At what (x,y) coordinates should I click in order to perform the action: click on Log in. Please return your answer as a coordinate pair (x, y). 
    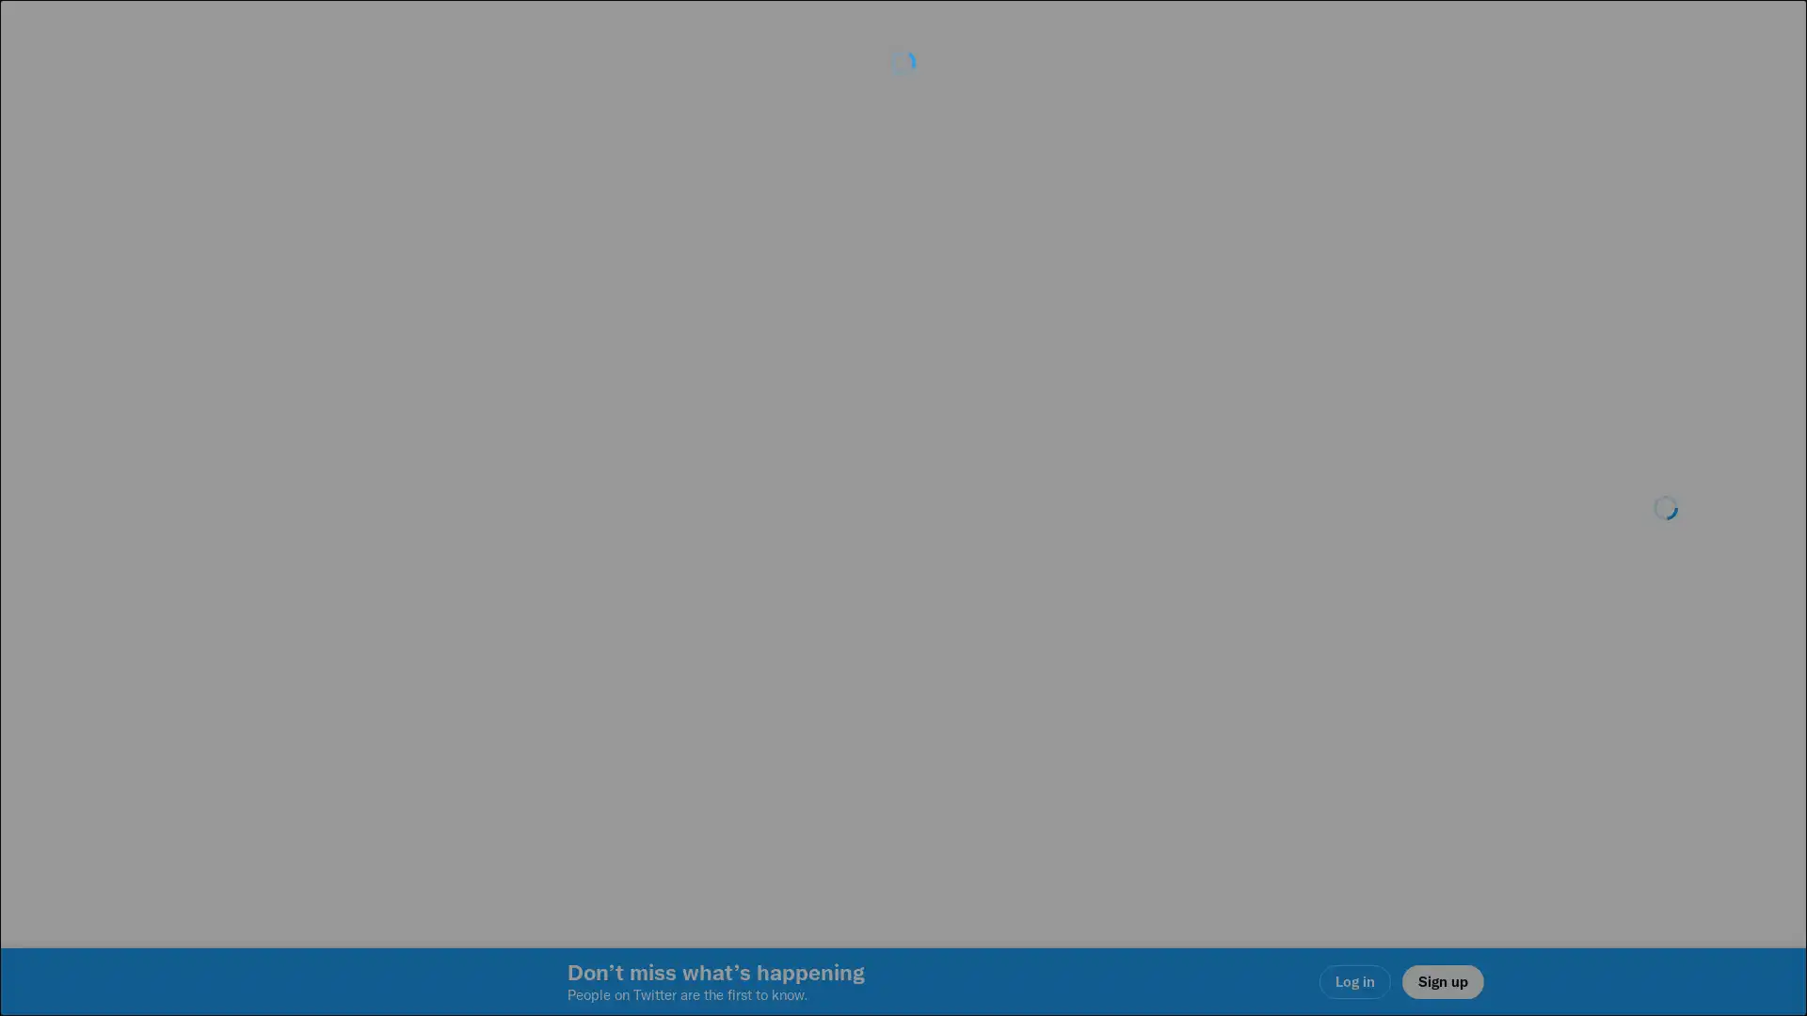
    Looking at the image, I should click on (1129, 641).